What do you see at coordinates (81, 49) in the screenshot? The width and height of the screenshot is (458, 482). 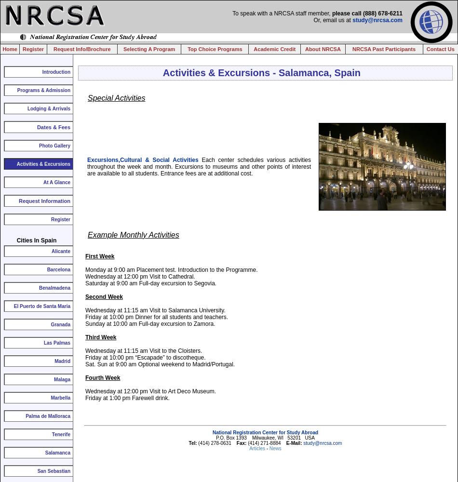 I see `'Request Info/Brochure'` at bounding box center [81, 49].